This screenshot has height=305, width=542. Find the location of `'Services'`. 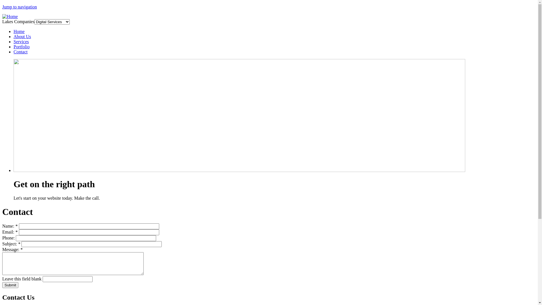

'Services' is located at coordinates (14, 41).